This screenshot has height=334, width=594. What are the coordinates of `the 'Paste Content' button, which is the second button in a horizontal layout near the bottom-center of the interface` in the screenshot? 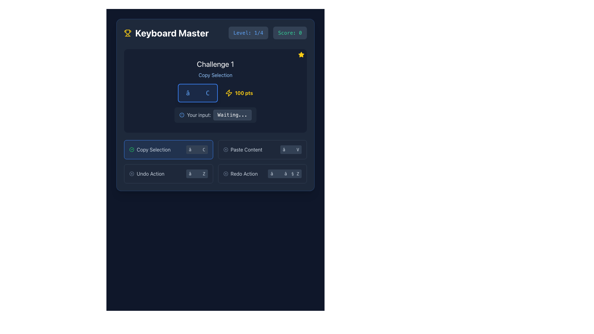 It's located at (246, 149).